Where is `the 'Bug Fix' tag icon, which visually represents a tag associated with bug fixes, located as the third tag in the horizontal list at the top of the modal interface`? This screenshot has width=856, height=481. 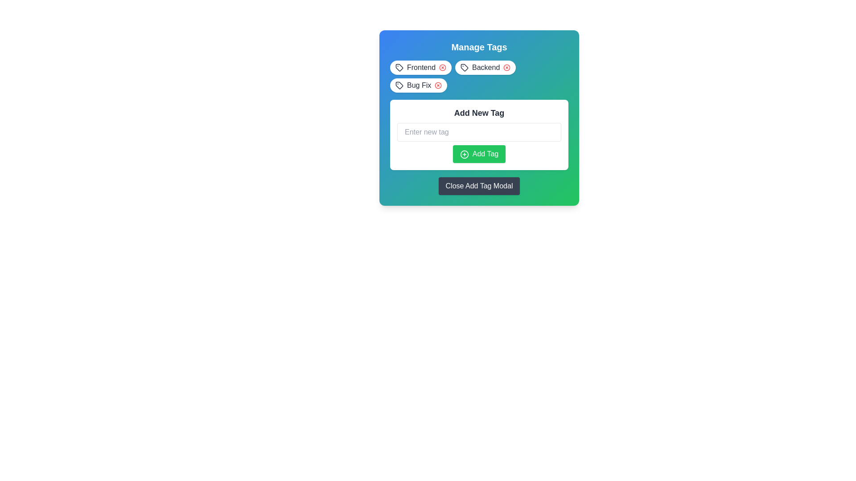 the 'Bug Fix' tag icon, which visually represents a tag associated with bug fixes, located as the third tag in the horizontal list at the top of the modal interface is located at coordinates (399, 86).